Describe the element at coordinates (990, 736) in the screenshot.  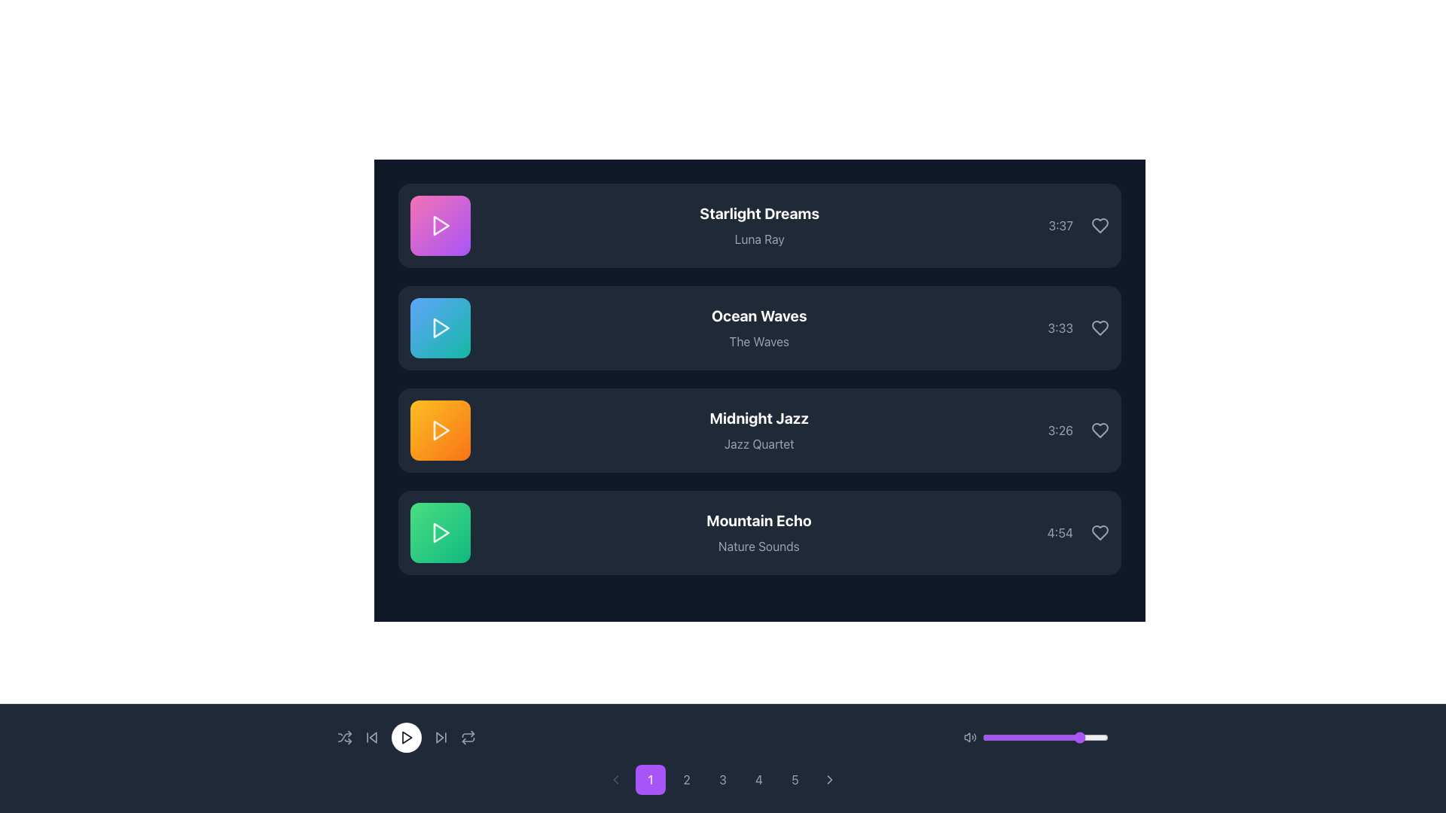
I see `the volume` at that location.